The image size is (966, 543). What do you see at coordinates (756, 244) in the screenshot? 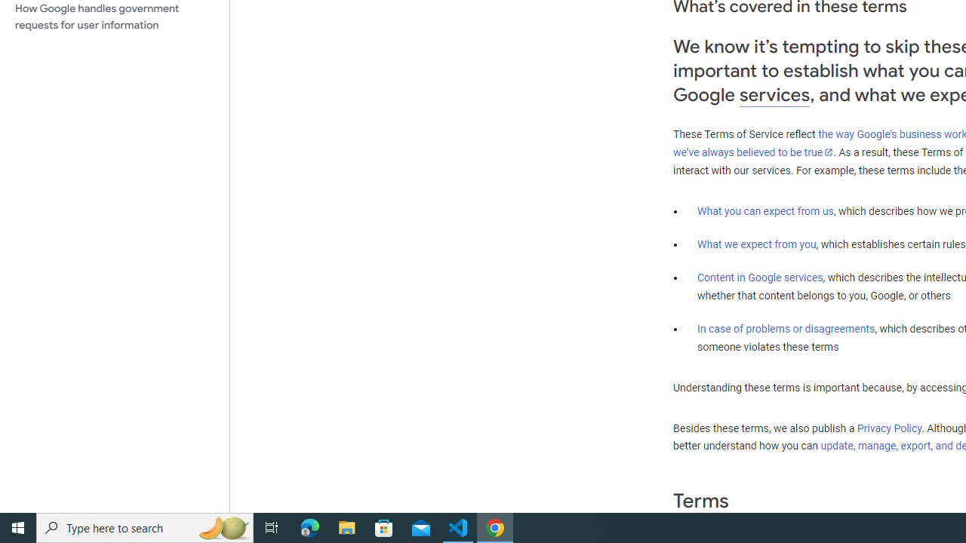
I see `'What we expect from you'` at bounding box center [756, 244].